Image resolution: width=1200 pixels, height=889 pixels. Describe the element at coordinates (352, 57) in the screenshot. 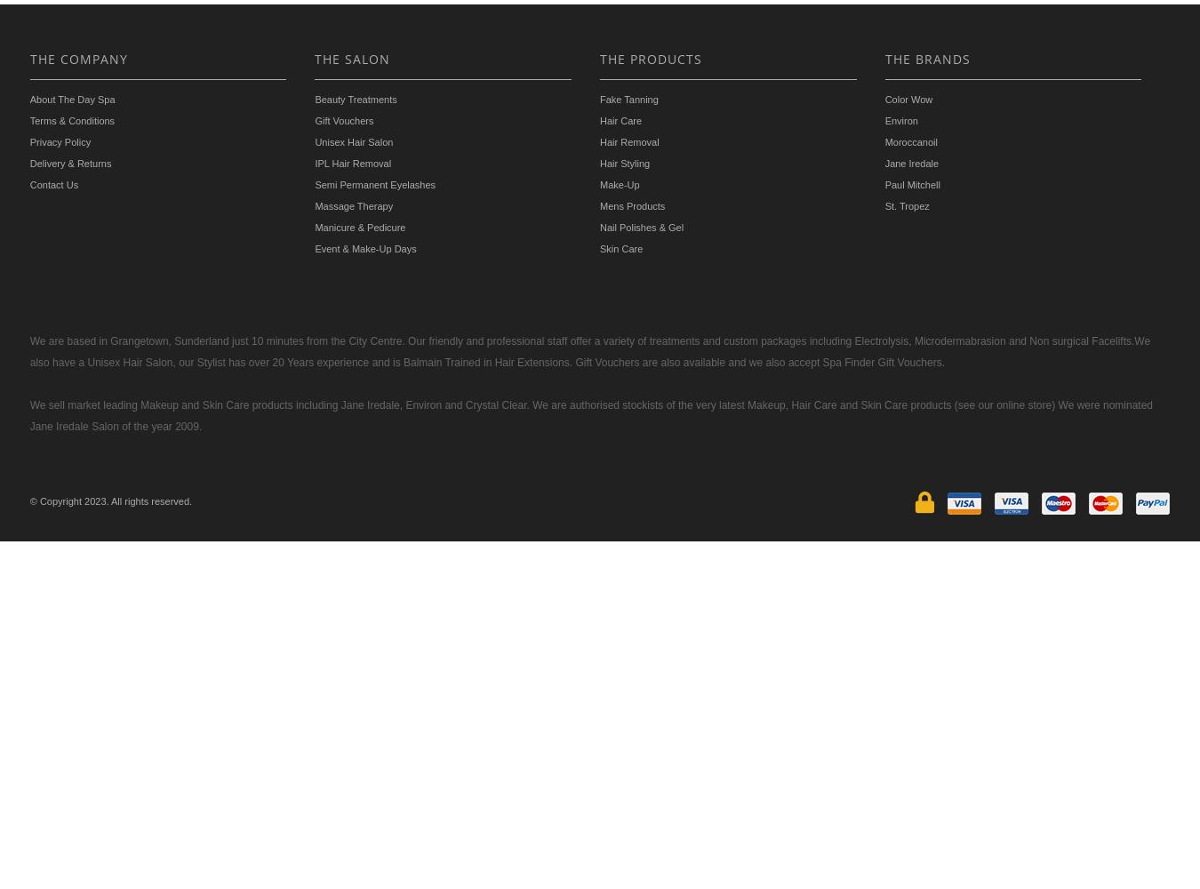

I see `'THE SALON'` at that location.